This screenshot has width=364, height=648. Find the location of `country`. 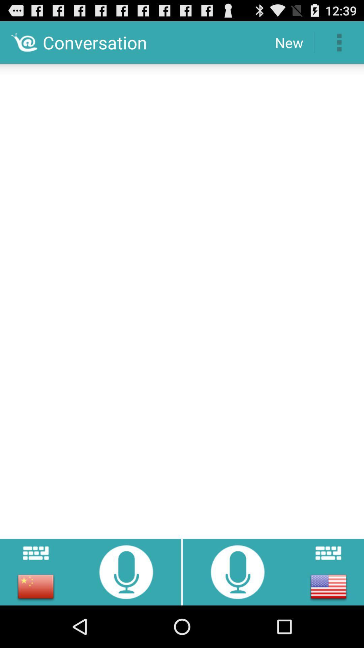

country is located at coordinates (328, 586).